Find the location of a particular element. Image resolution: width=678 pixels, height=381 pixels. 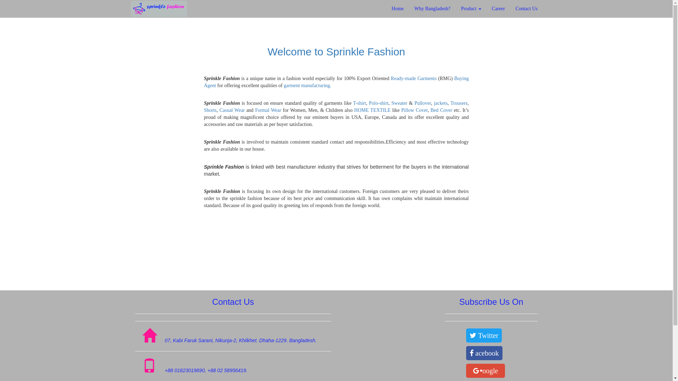

'Pillow Cover' is located at coordinates (414, 110).